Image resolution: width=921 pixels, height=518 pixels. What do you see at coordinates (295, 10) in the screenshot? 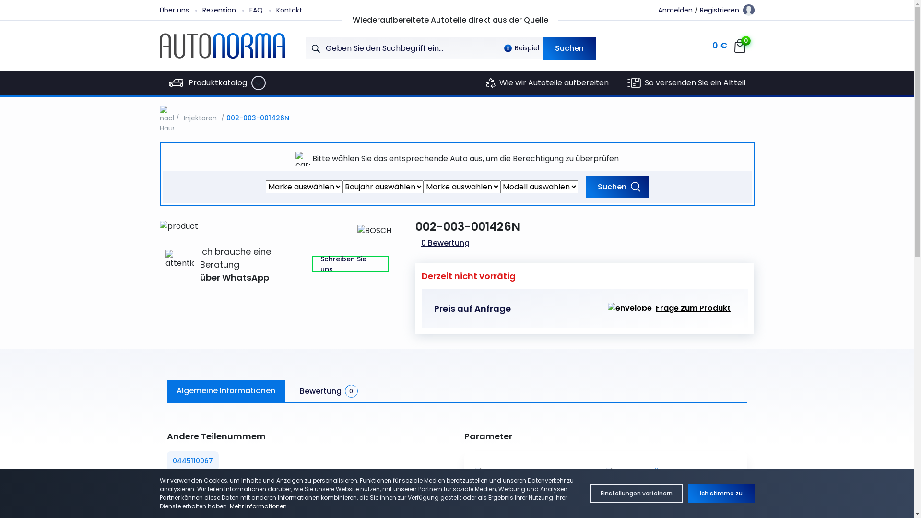
I see `'Kontakt'` at bounding box center [295, 10].